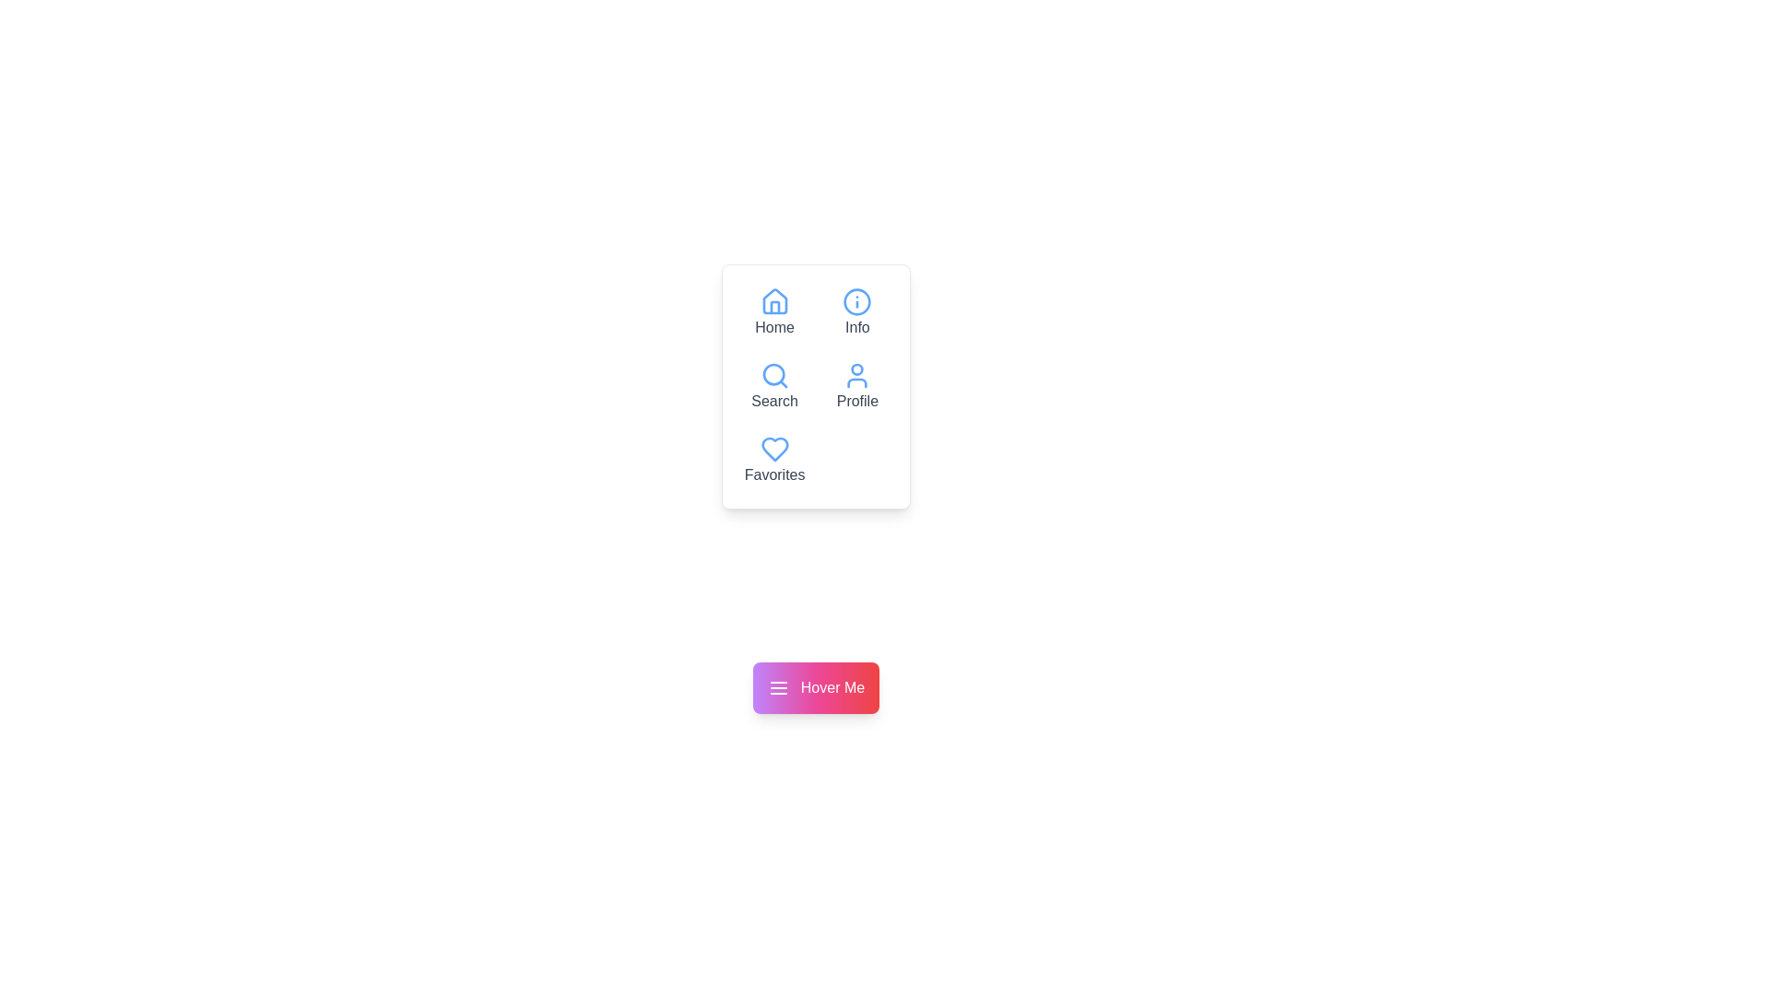 The width and height of the screenshot is (1770, 995). What do you see at coordinates (856, 369) in the screenshot?
I see `the blue circular graphical component representing the user profile icon, which is positioned at the top center of the icon` at bounding box center [856, 369].